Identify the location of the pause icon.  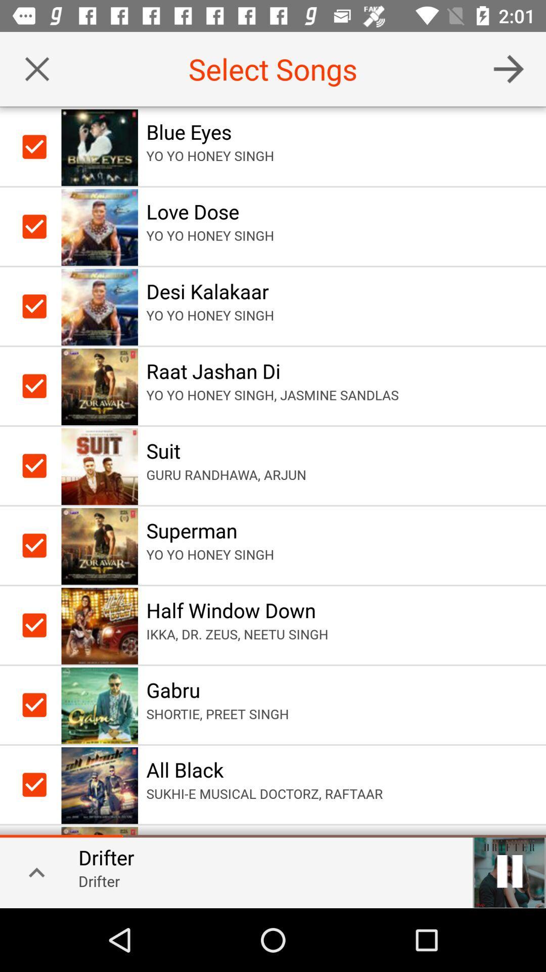
(509, 871).